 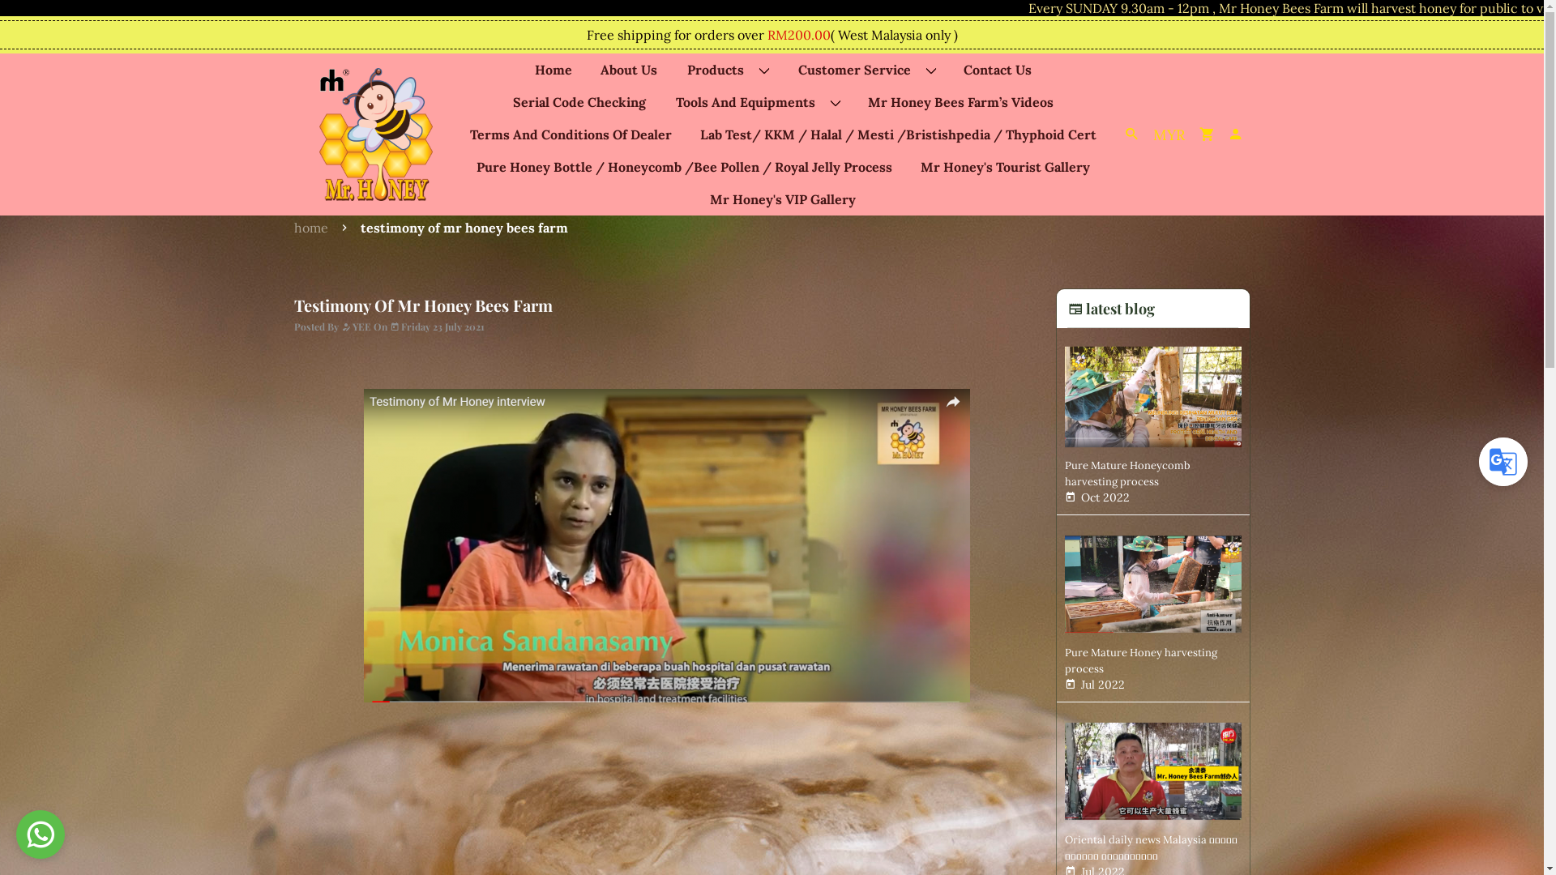 What do you see at coordinates (897, 133) in the screenshot?
I see `'Lab Test/ KKM / Halal / Mesti /Bristishpedia / Thyphoid Cert'` at bounding box center [897, 133].